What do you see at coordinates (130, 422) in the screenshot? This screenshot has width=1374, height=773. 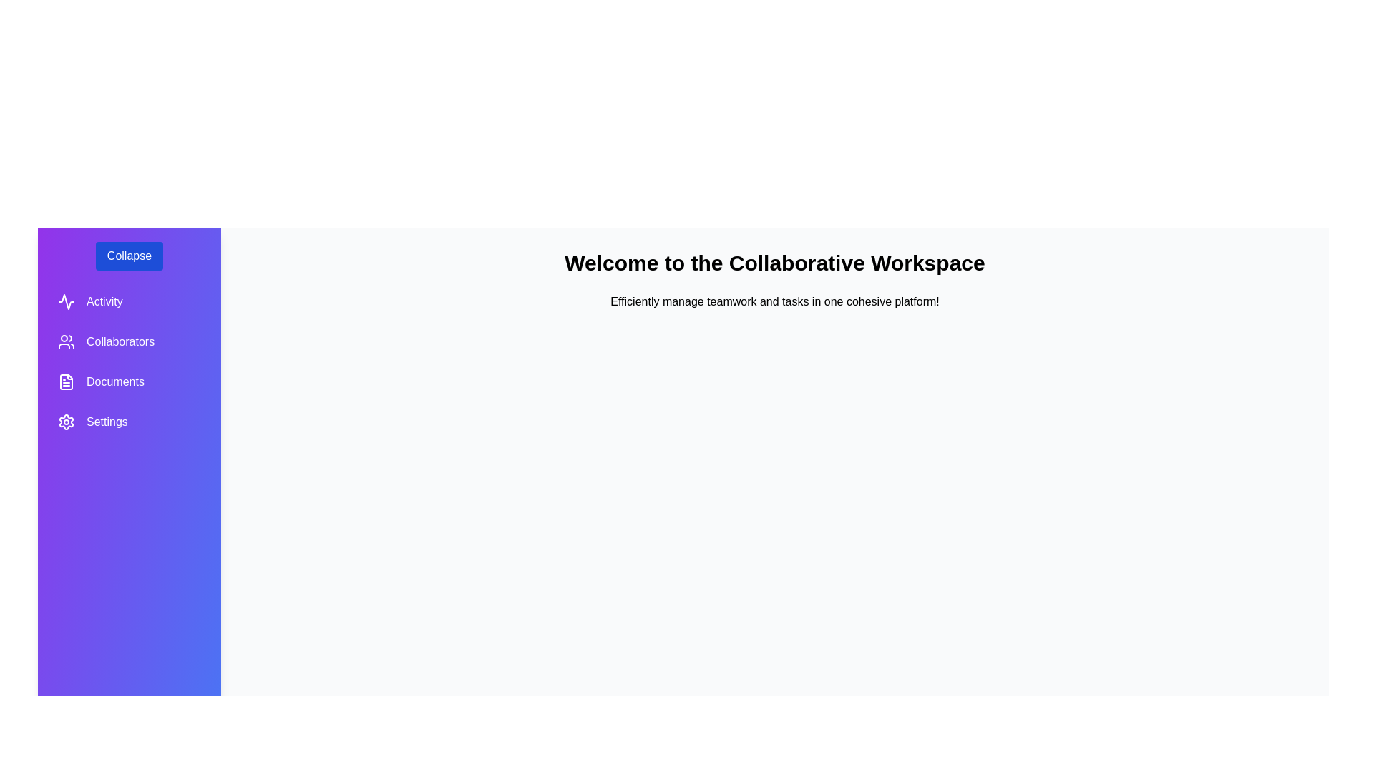 I see `the Settings section in the sidebar to navigate to it` at bounding box center [130, 422].